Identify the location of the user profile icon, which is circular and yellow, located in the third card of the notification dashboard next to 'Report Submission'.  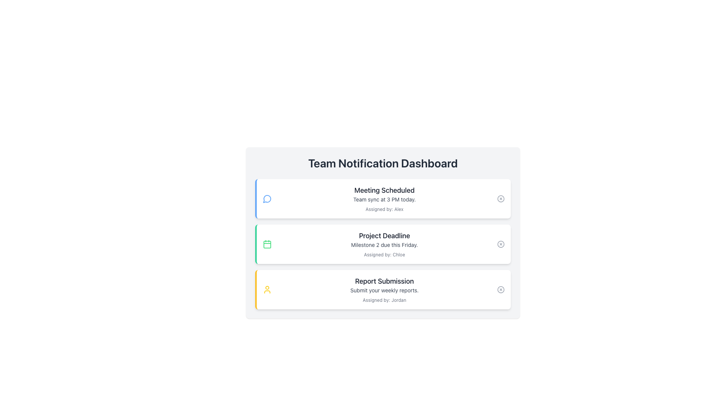
(267, 289).